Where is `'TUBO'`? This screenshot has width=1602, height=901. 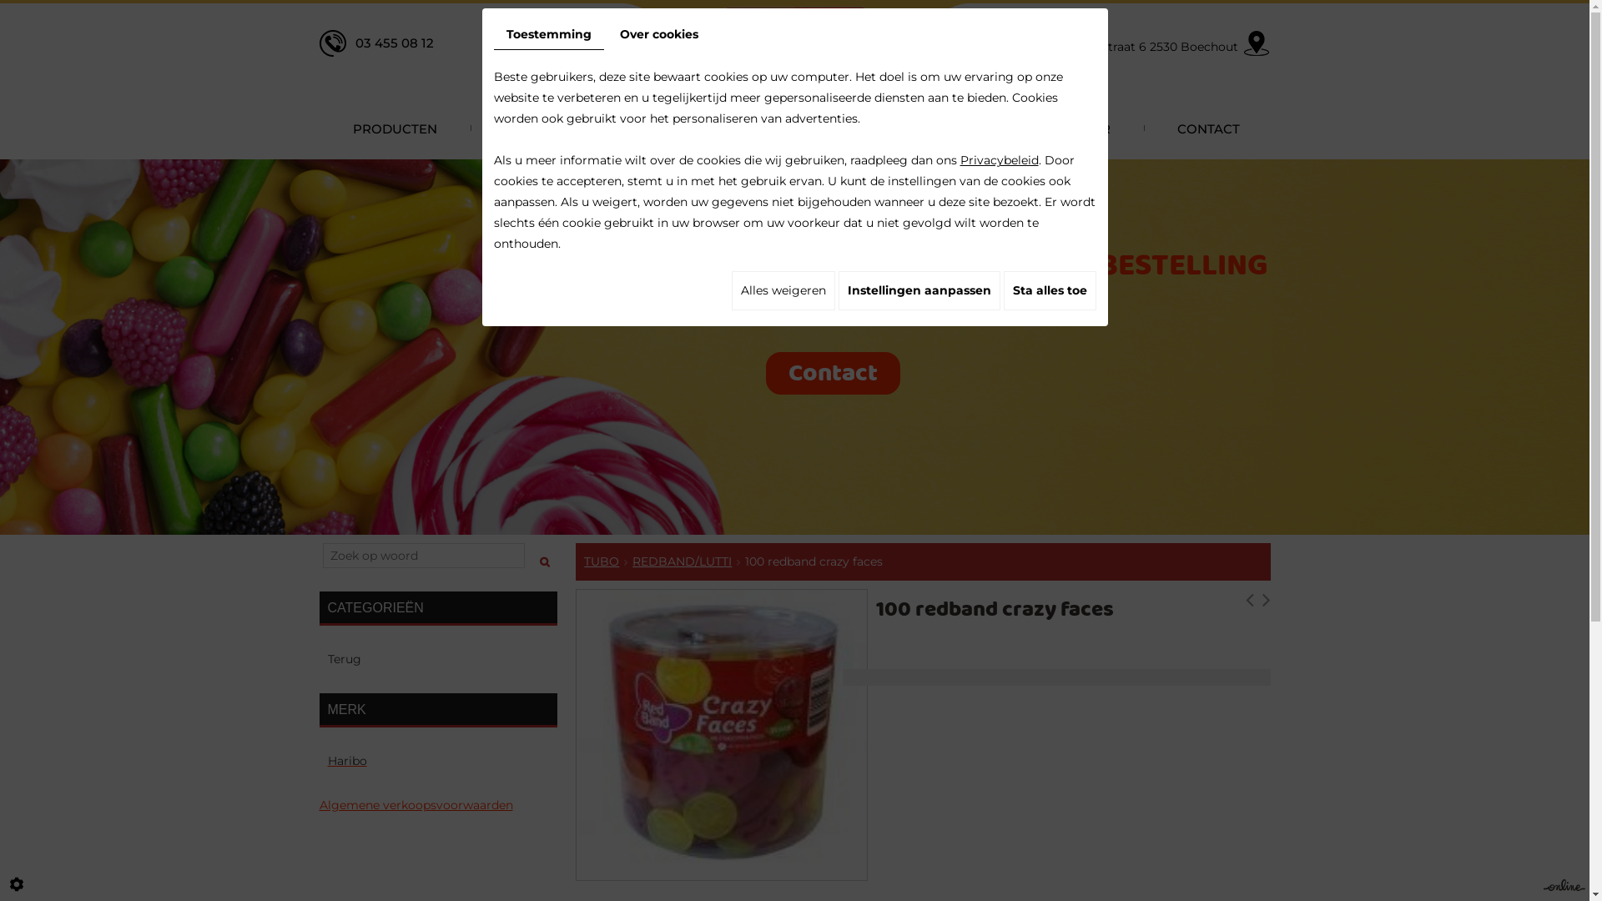
'TUBO' is located at coordinates (601, 561).